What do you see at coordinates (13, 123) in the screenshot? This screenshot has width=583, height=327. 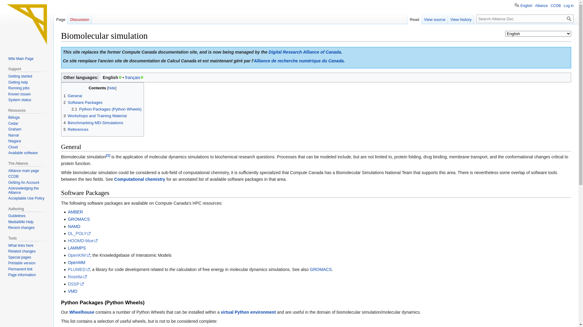 I see `'Cedar'` at bounding box center [13, 123].